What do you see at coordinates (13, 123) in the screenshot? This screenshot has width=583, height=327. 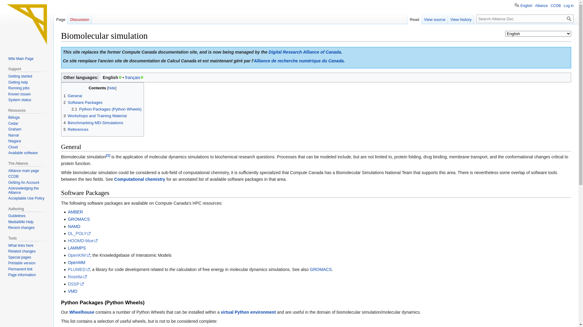 I see `'Cedar'` at bounding box center [13, 123].